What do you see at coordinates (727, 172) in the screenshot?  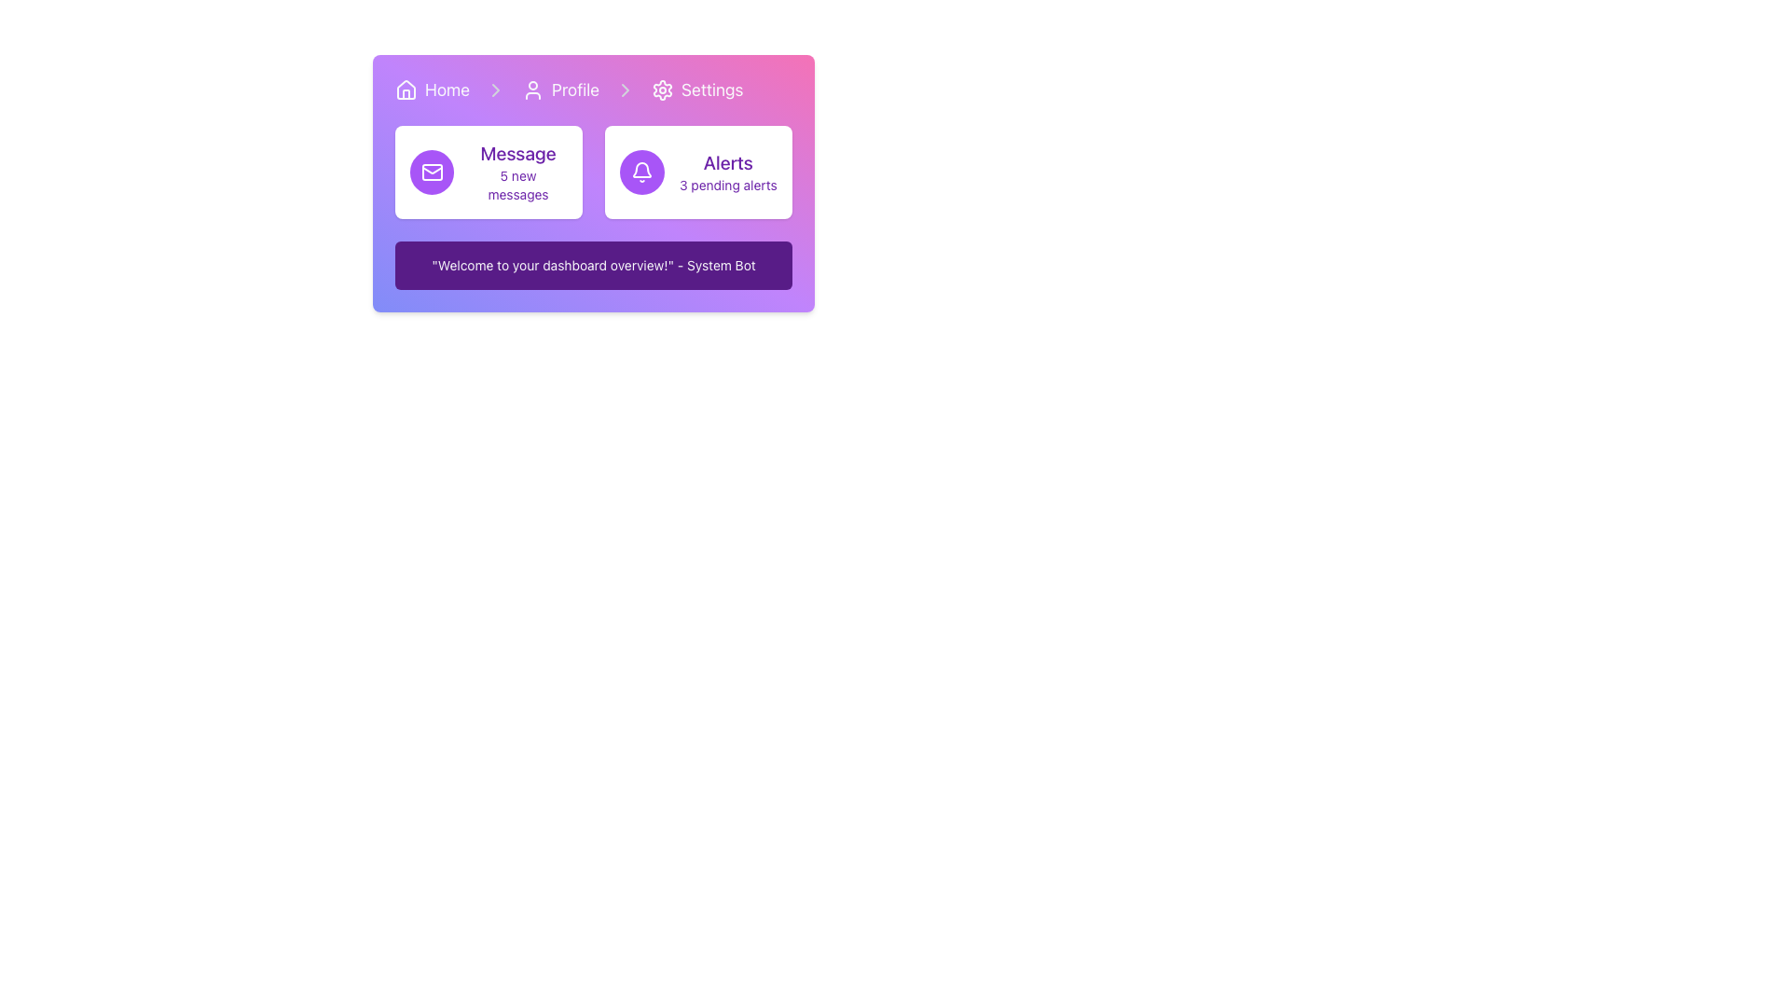 I see `the 'Alerts' text information block located in the top-right card, which displays the title 'Alerts' in bold purple font and indicates '3 pending alerts' below it` at bounding box center [727, 172].